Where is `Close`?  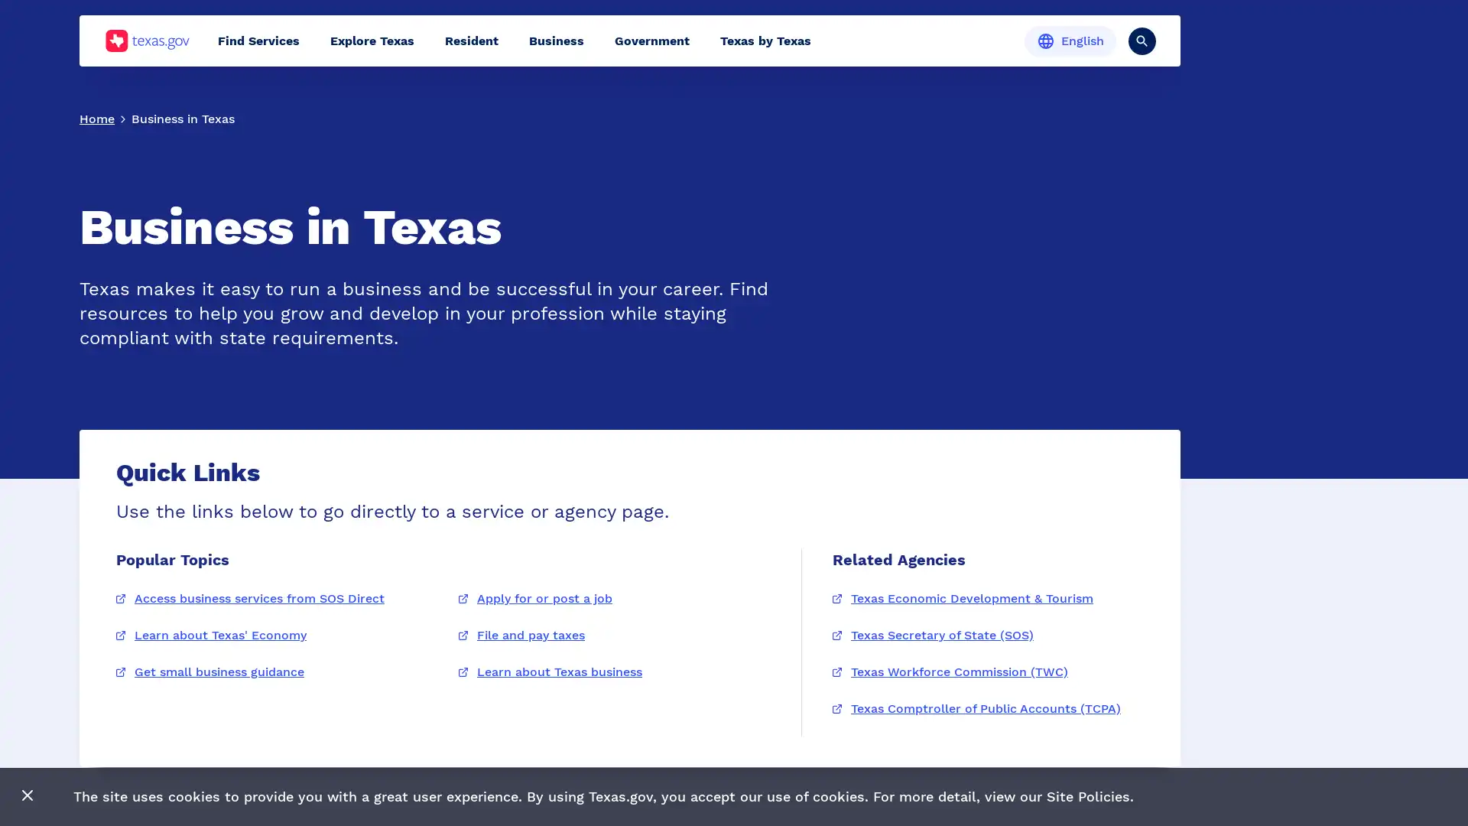
Close is located at coordinates (28, 795).